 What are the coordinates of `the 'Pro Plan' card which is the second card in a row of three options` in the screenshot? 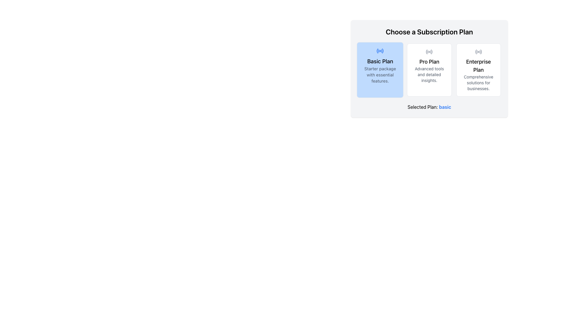 It's located at (429, 69).